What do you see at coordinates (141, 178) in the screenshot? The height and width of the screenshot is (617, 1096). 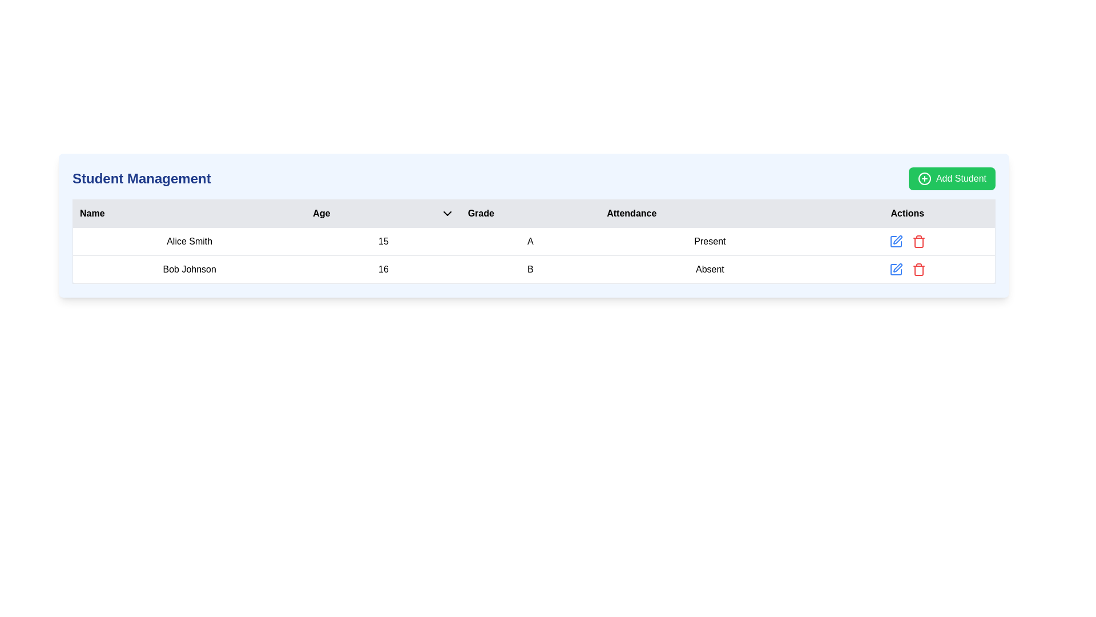 I see `the heading text that reads 'Student Management', which is styled in a large, bold, dark blue font and located in the upper-left section of the interface` at bounding box center [141, 178].